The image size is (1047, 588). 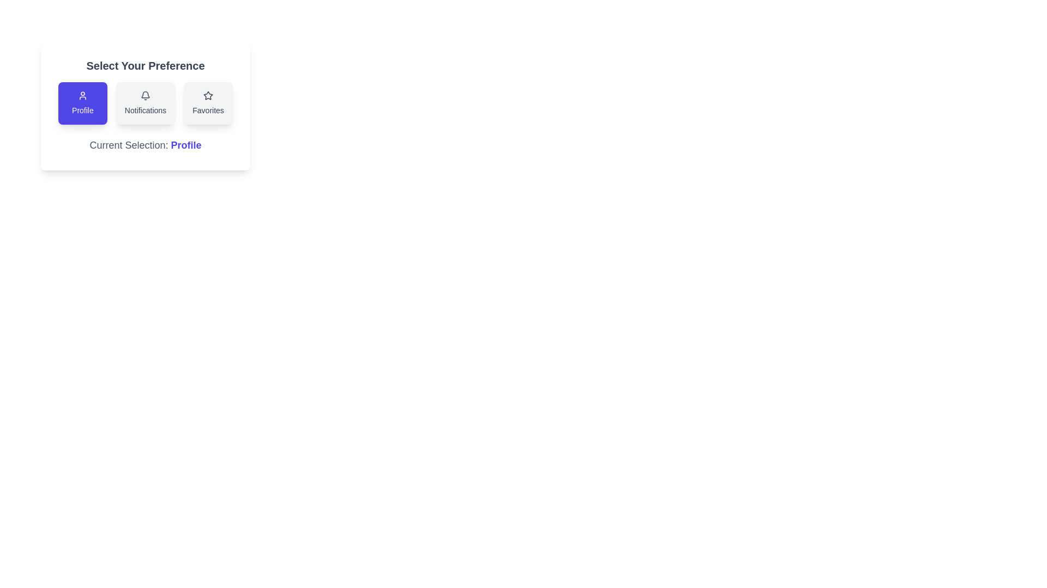 What do you see at coordinates (186, 144) in the screenshot?
I see `the bold, indigo-colored text label displaying 'Profile', which is part of the sentence 'Current Selection: Profile'` at bounding box center [186, 144].